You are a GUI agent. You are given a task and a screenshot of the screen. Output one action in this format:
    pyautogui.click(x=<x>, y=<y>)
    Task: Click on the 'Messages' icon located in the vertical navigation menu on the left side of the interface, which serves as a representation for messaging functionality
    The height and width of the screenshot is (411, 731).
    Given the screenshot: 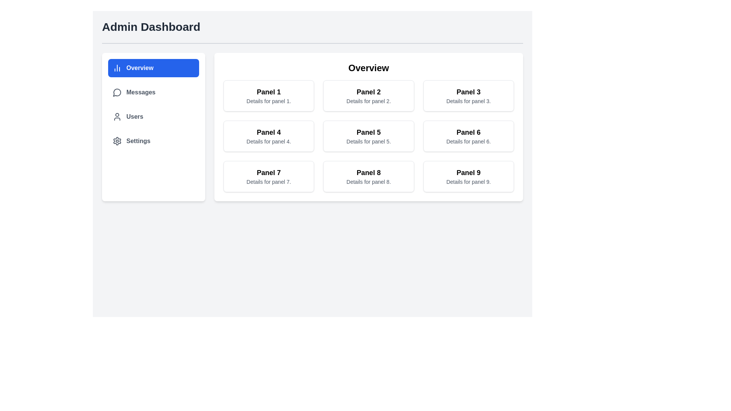 What is the action you would take?
    pyautogui.click(x=117, y=92)
    